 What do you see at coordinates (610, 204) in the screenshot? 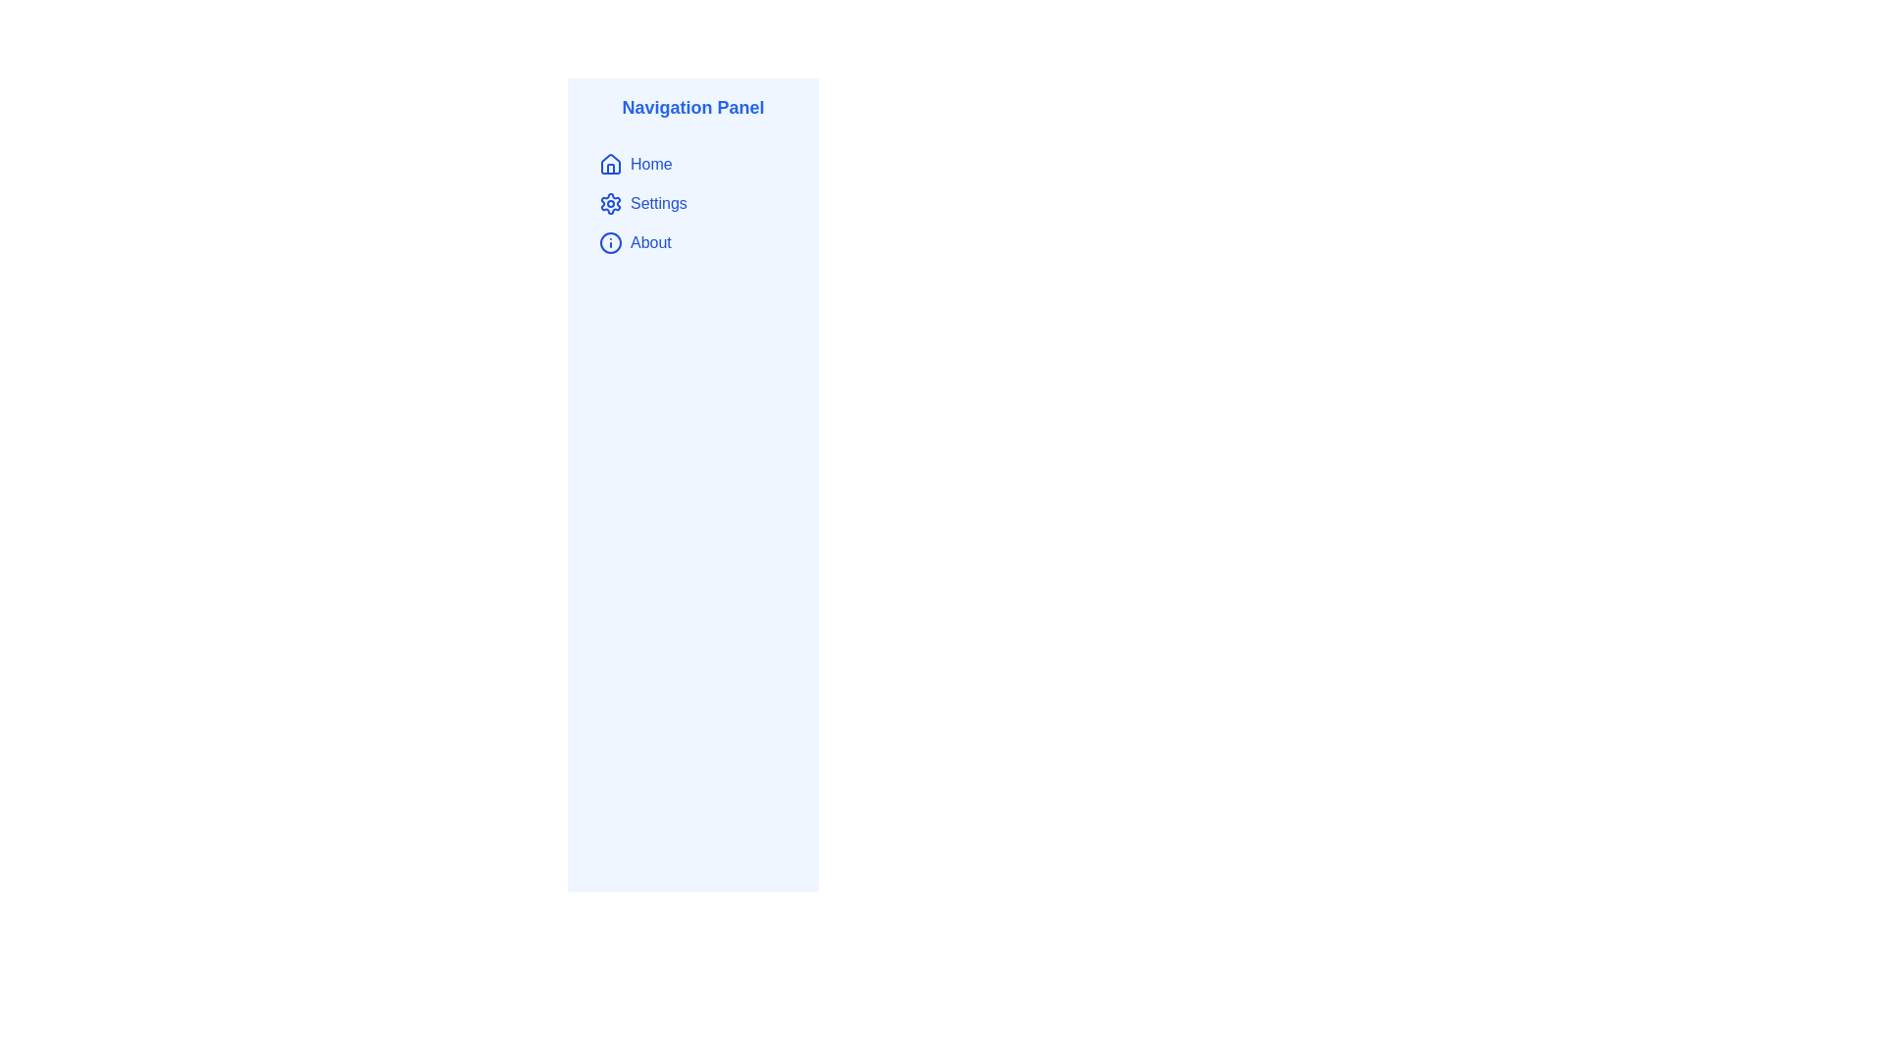
I see `the settings icon located in the navigation panel` at bounding box center [610, 204].